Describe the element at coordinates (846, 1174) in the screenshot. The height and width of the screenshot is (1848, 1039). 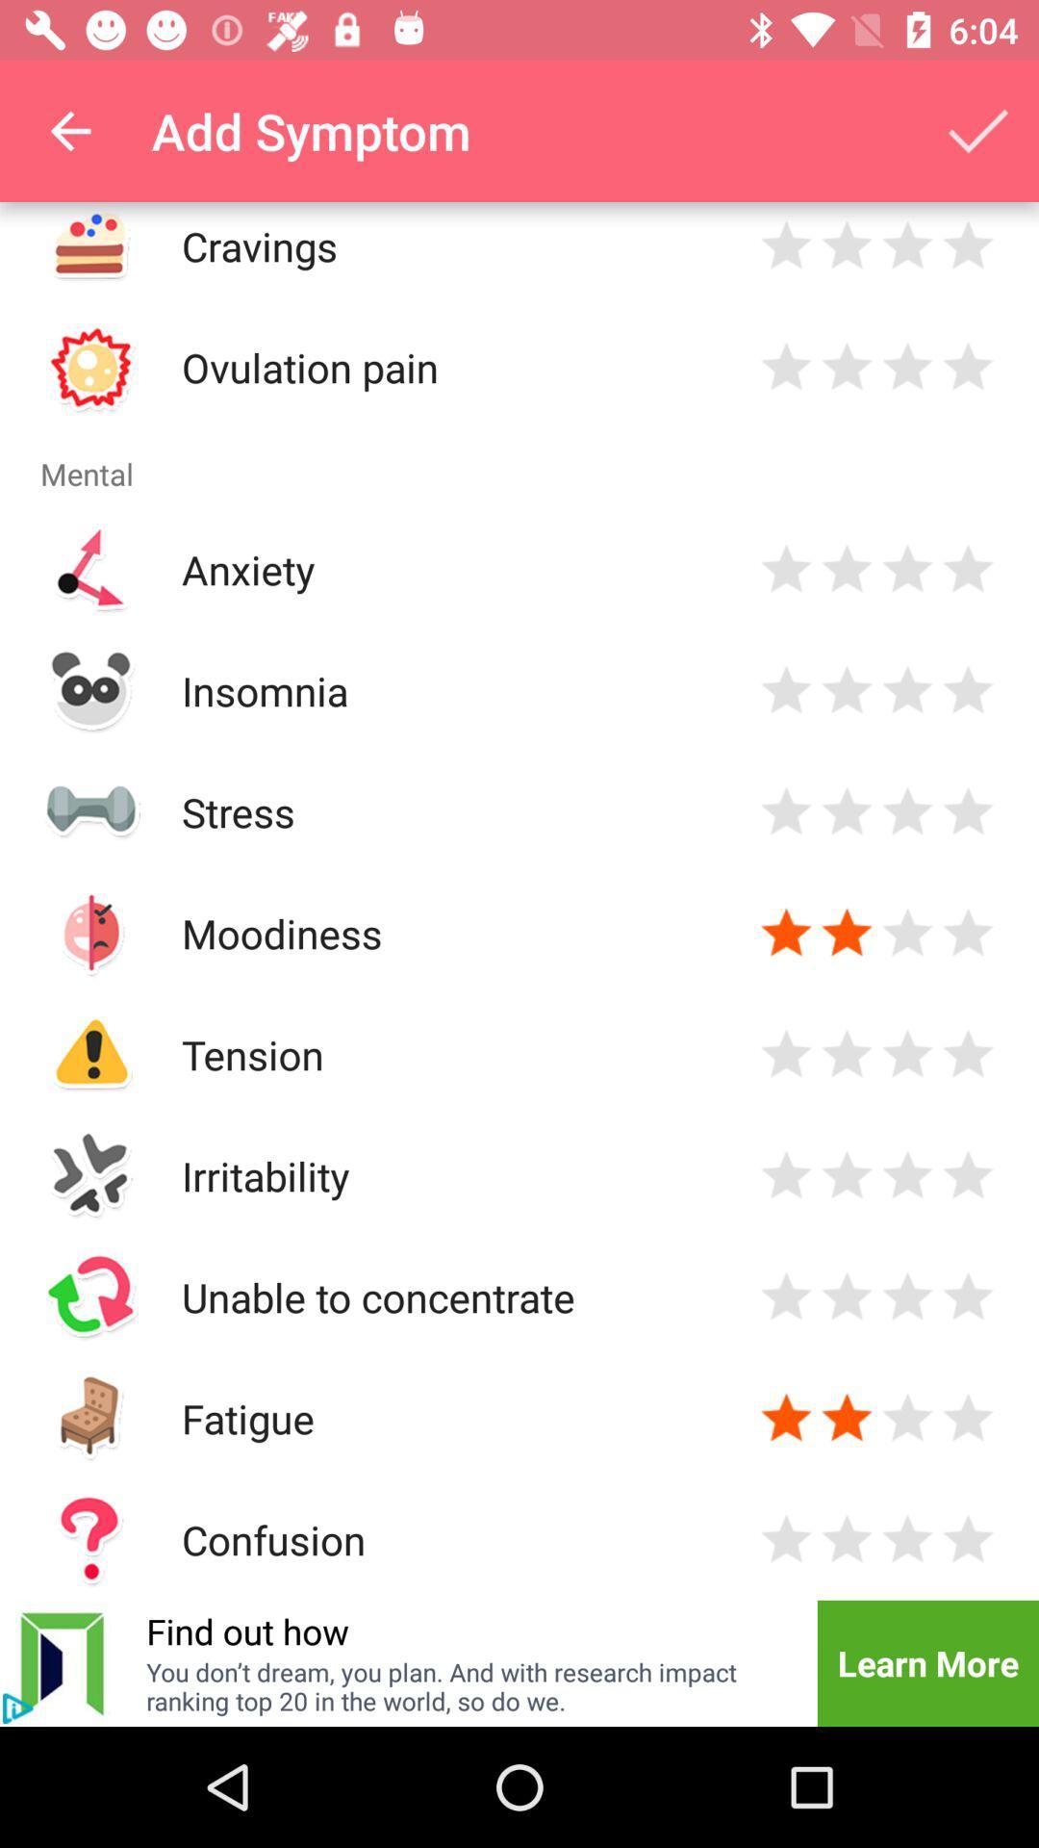
I see `evaluate mental` at that location.